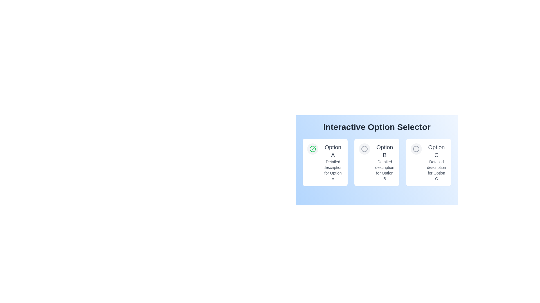 The image size is (540, 303). Describe the element at coordinates (384, 170) in the screenshot. I see `the Text block that provides additional descriptive information about Option B, located within the card representing Option B, immediately below the main title 'Option B'` at that location.